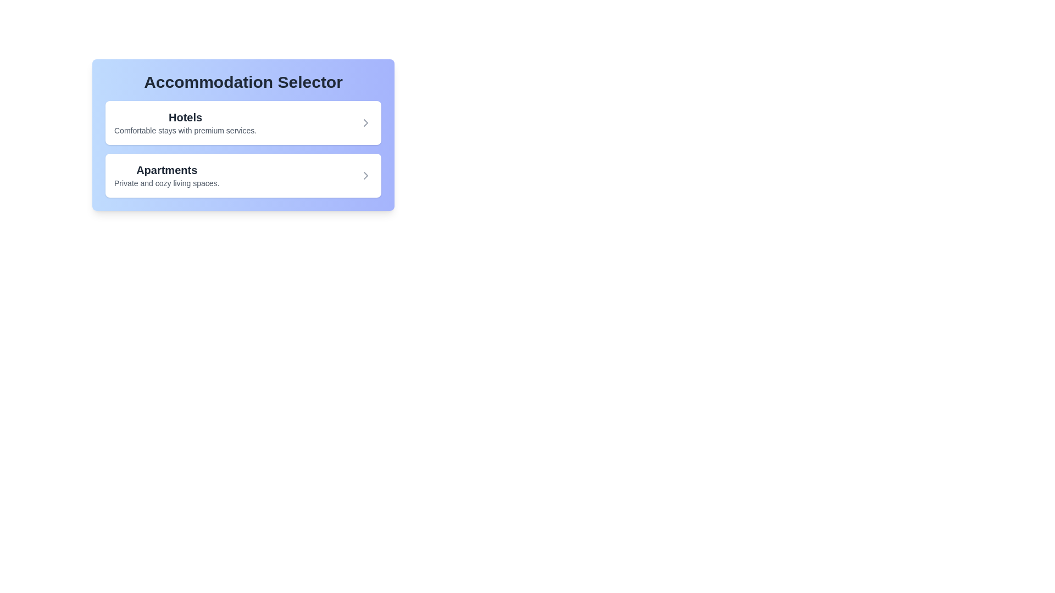 The height and width of the screenshot is (593, 1055). Describe the element at coordinates (166, 183) in the screenshot. I see `the static text label providing descriptive information about the 'Apartments' category, which highlights 'Private and cozy living spaces.' This label is located below the title 'Apartments' in the accommodation selector` at that location.